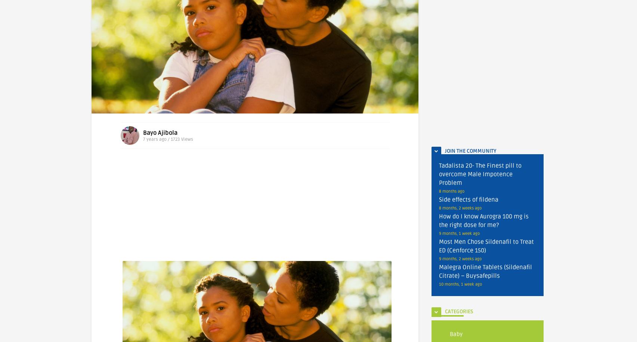 The width and height of the screenshot is (637, 342). What do you see at coordinates (460, 208) in the screenshot?
I see `'8 months, 2 weeks ago'` at bounding box center [460, 208].